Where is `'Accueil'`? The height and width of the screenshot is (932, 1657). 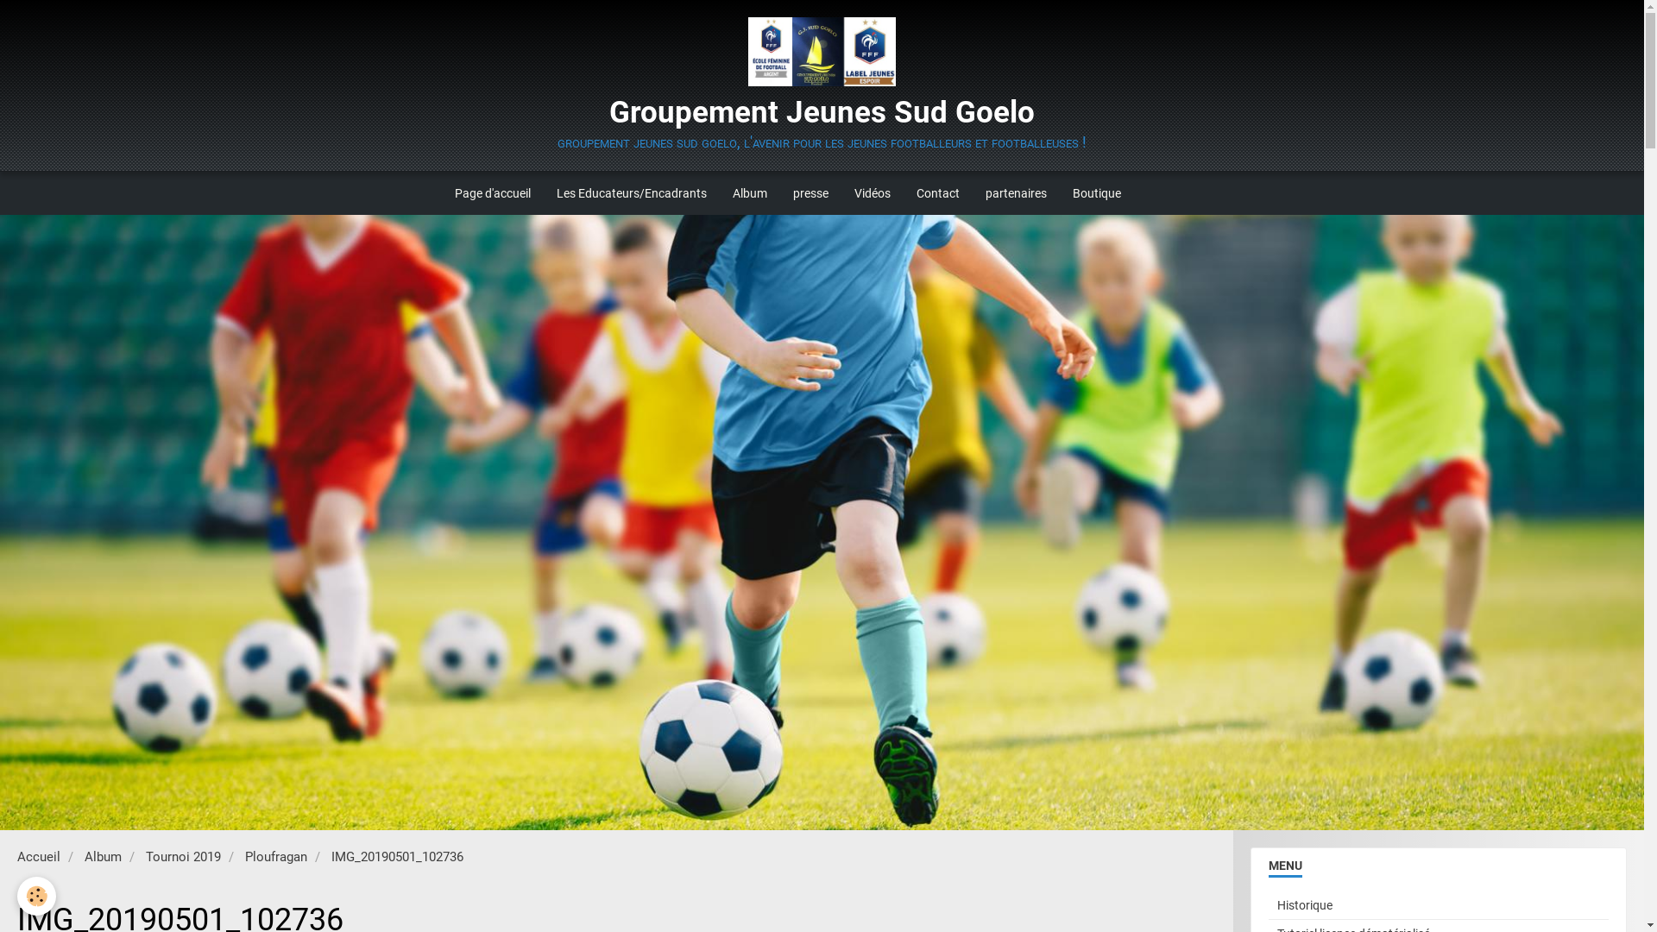
'Accueil' is located at coordinates (38, 856).